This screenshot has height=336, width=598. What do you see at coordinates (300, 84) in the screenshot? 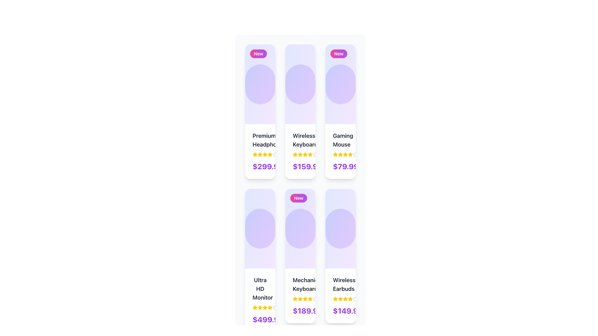
I see `the decorative visual element located at the center of the vertical card-like UI component in the middle column of a 3-column grid layout` at bounding box center [300, 84].